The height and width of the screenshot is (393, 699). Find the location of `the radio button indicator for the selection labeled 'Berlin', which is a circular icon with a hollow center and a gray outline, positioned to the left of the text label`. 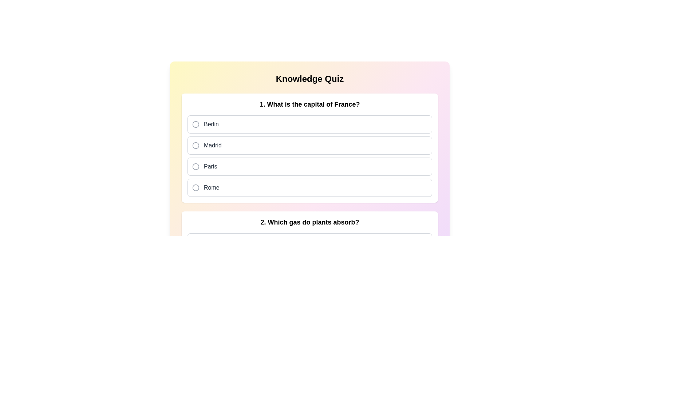

the radio button indicator for the selection labeled 'Berlin', which is a circular icon with a hollow center and a gray outline, positioned to the left of the text label is located at coordinates (196, 124).